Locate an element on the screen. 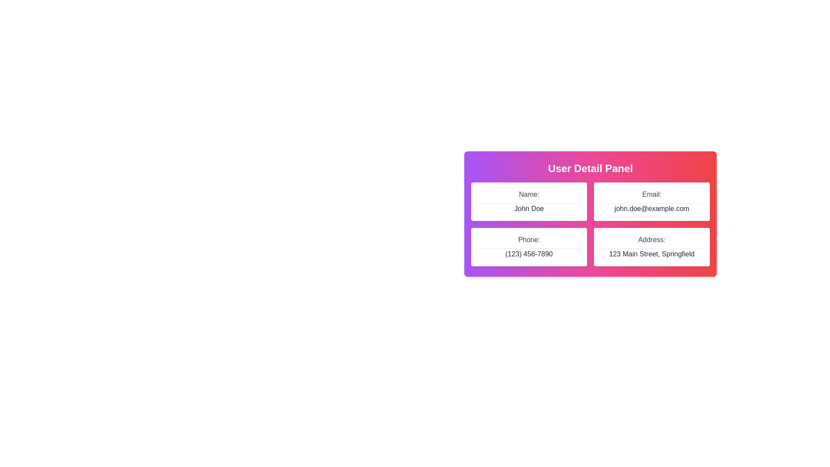 The width and height of the screenshot is (830, 467). the centered title text 'User Detail Panel' which is styled with white text over a gradient background, located at the top center of the user detail card is located at coordinates (590, 168).